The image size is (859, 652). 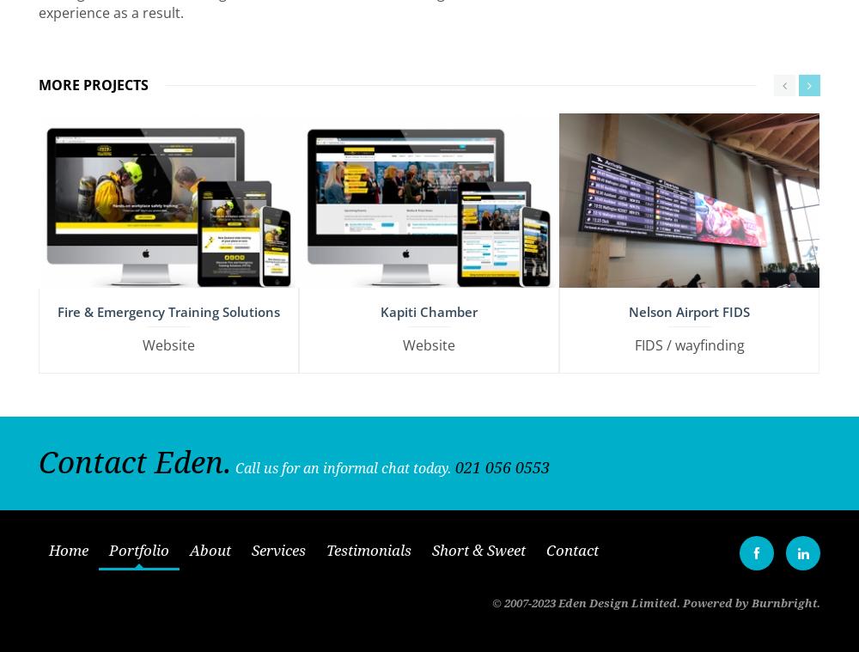 What do you see at coordinates (689, 303) in the screenshot?
I see `'Nelson Airport FIDS'` at bounding box center [689, 303].